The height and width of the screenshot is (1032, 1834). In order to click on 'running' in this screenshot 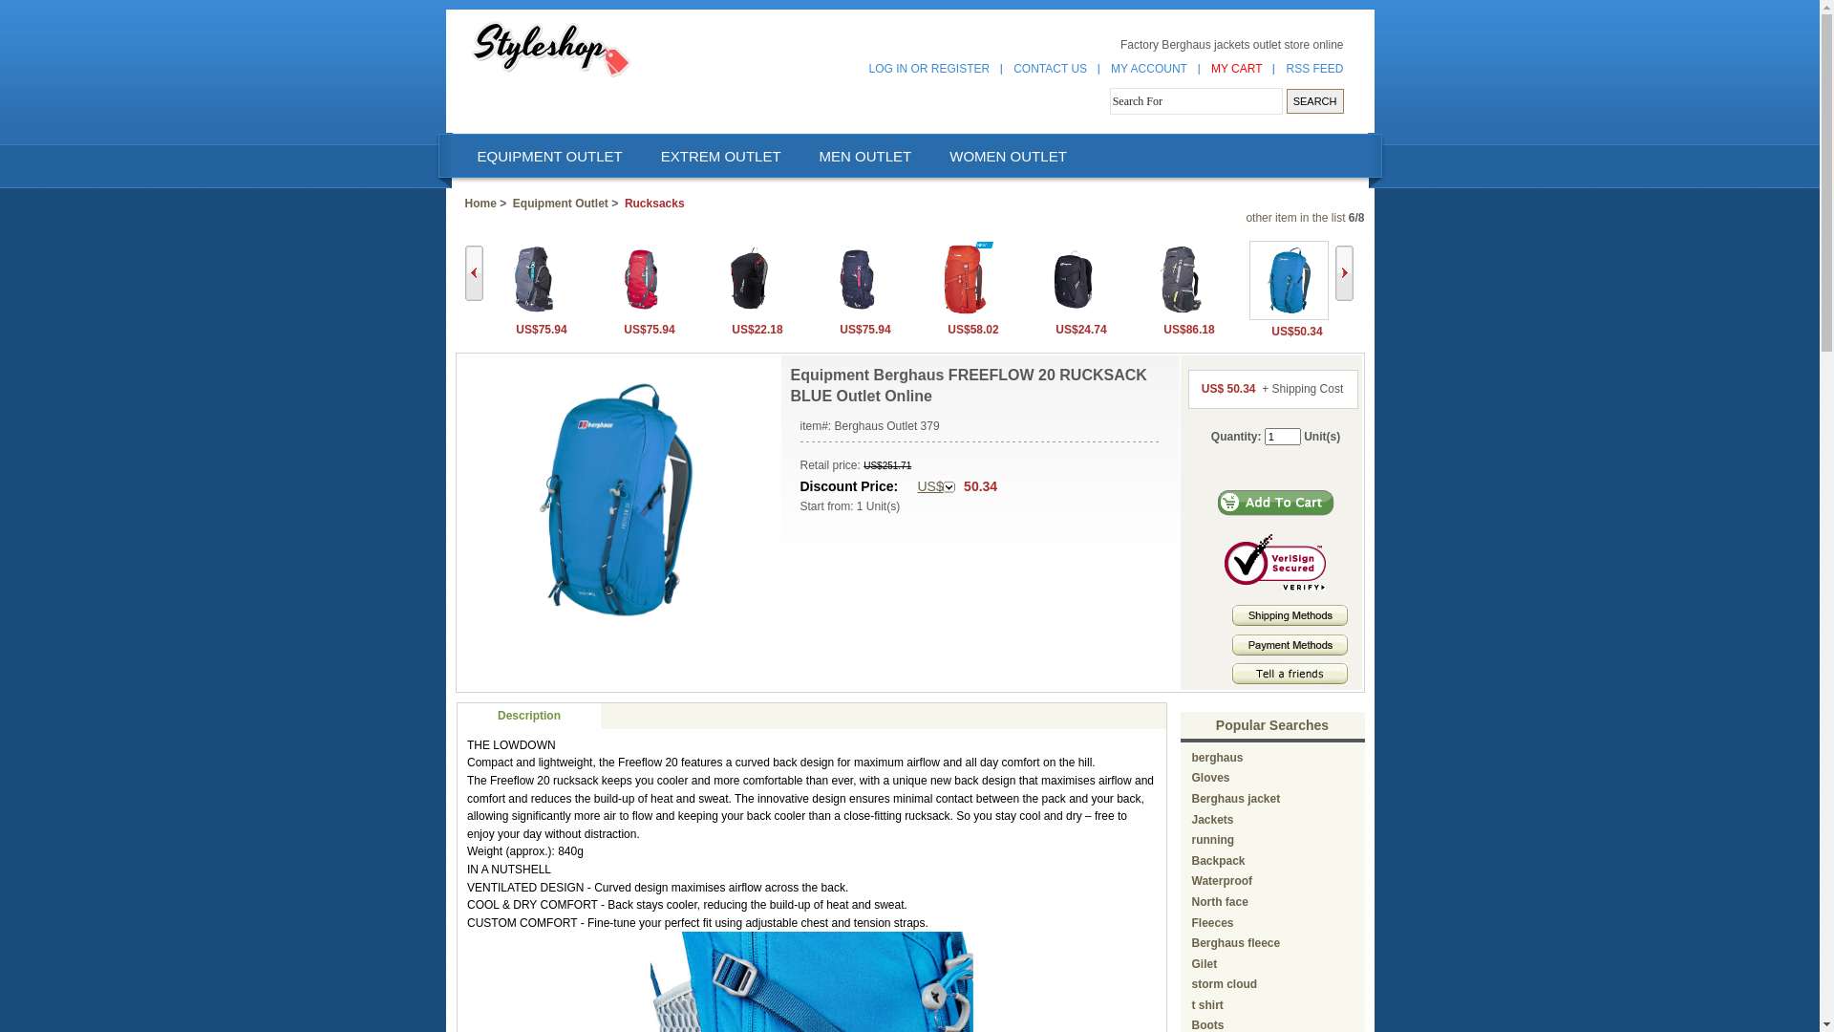, I will do `click(1212, 839)`.